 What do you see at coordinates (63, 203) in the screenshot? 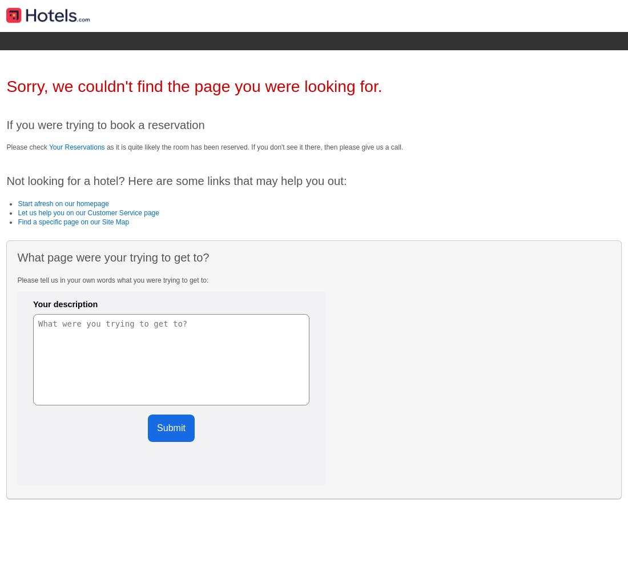
I see `'Start afresh on our homepage'` at bounding box center [63, 203].